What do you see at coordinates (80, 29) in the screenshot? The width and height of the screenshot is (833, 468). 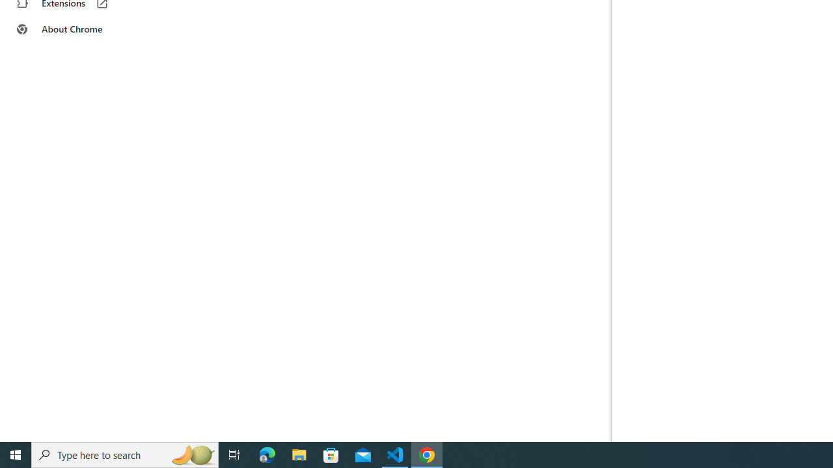 I see `'About Chrome'` at bounding box center [80, 29].